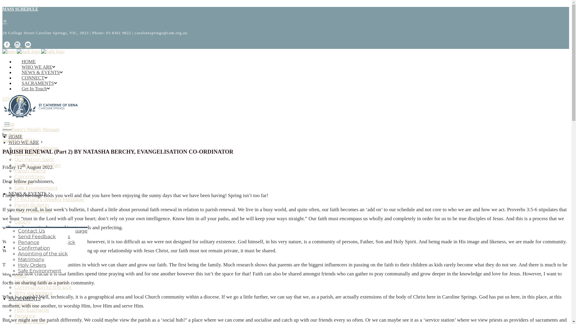 This screenshot has width=576, height=324. What do you see at coordinates (30, 129) in the screenshot?
I see `'The Pastor's Weekly Message'` at bounding box center [30, 129].